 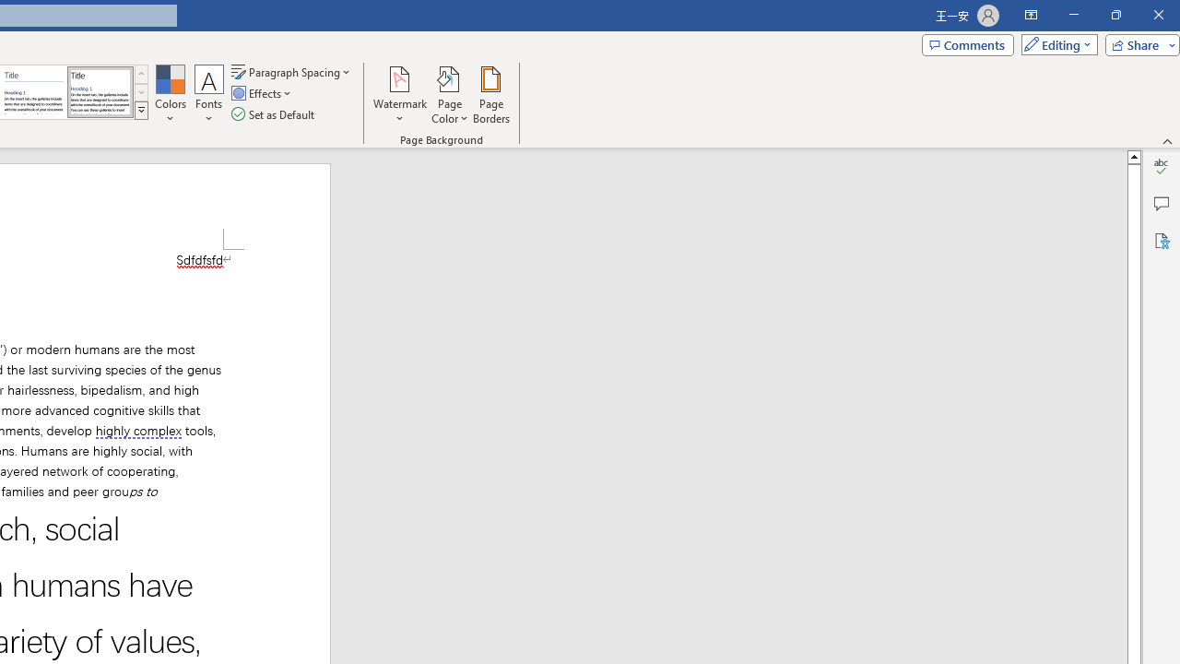 I want to click on 'Style Set', so click(x=140, y=111).